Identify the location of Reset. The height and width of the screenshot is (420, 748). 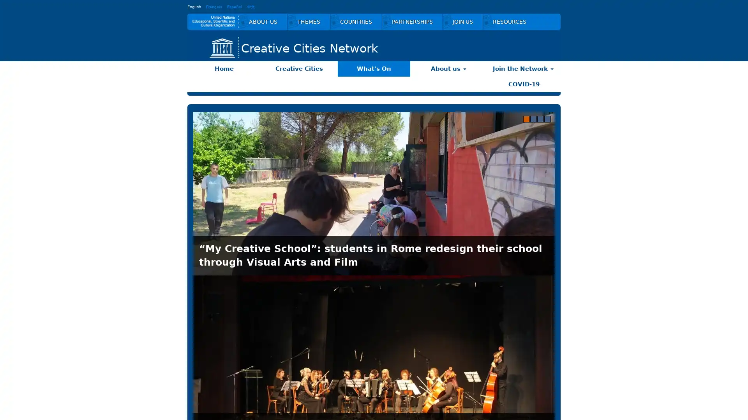
(480, 383).